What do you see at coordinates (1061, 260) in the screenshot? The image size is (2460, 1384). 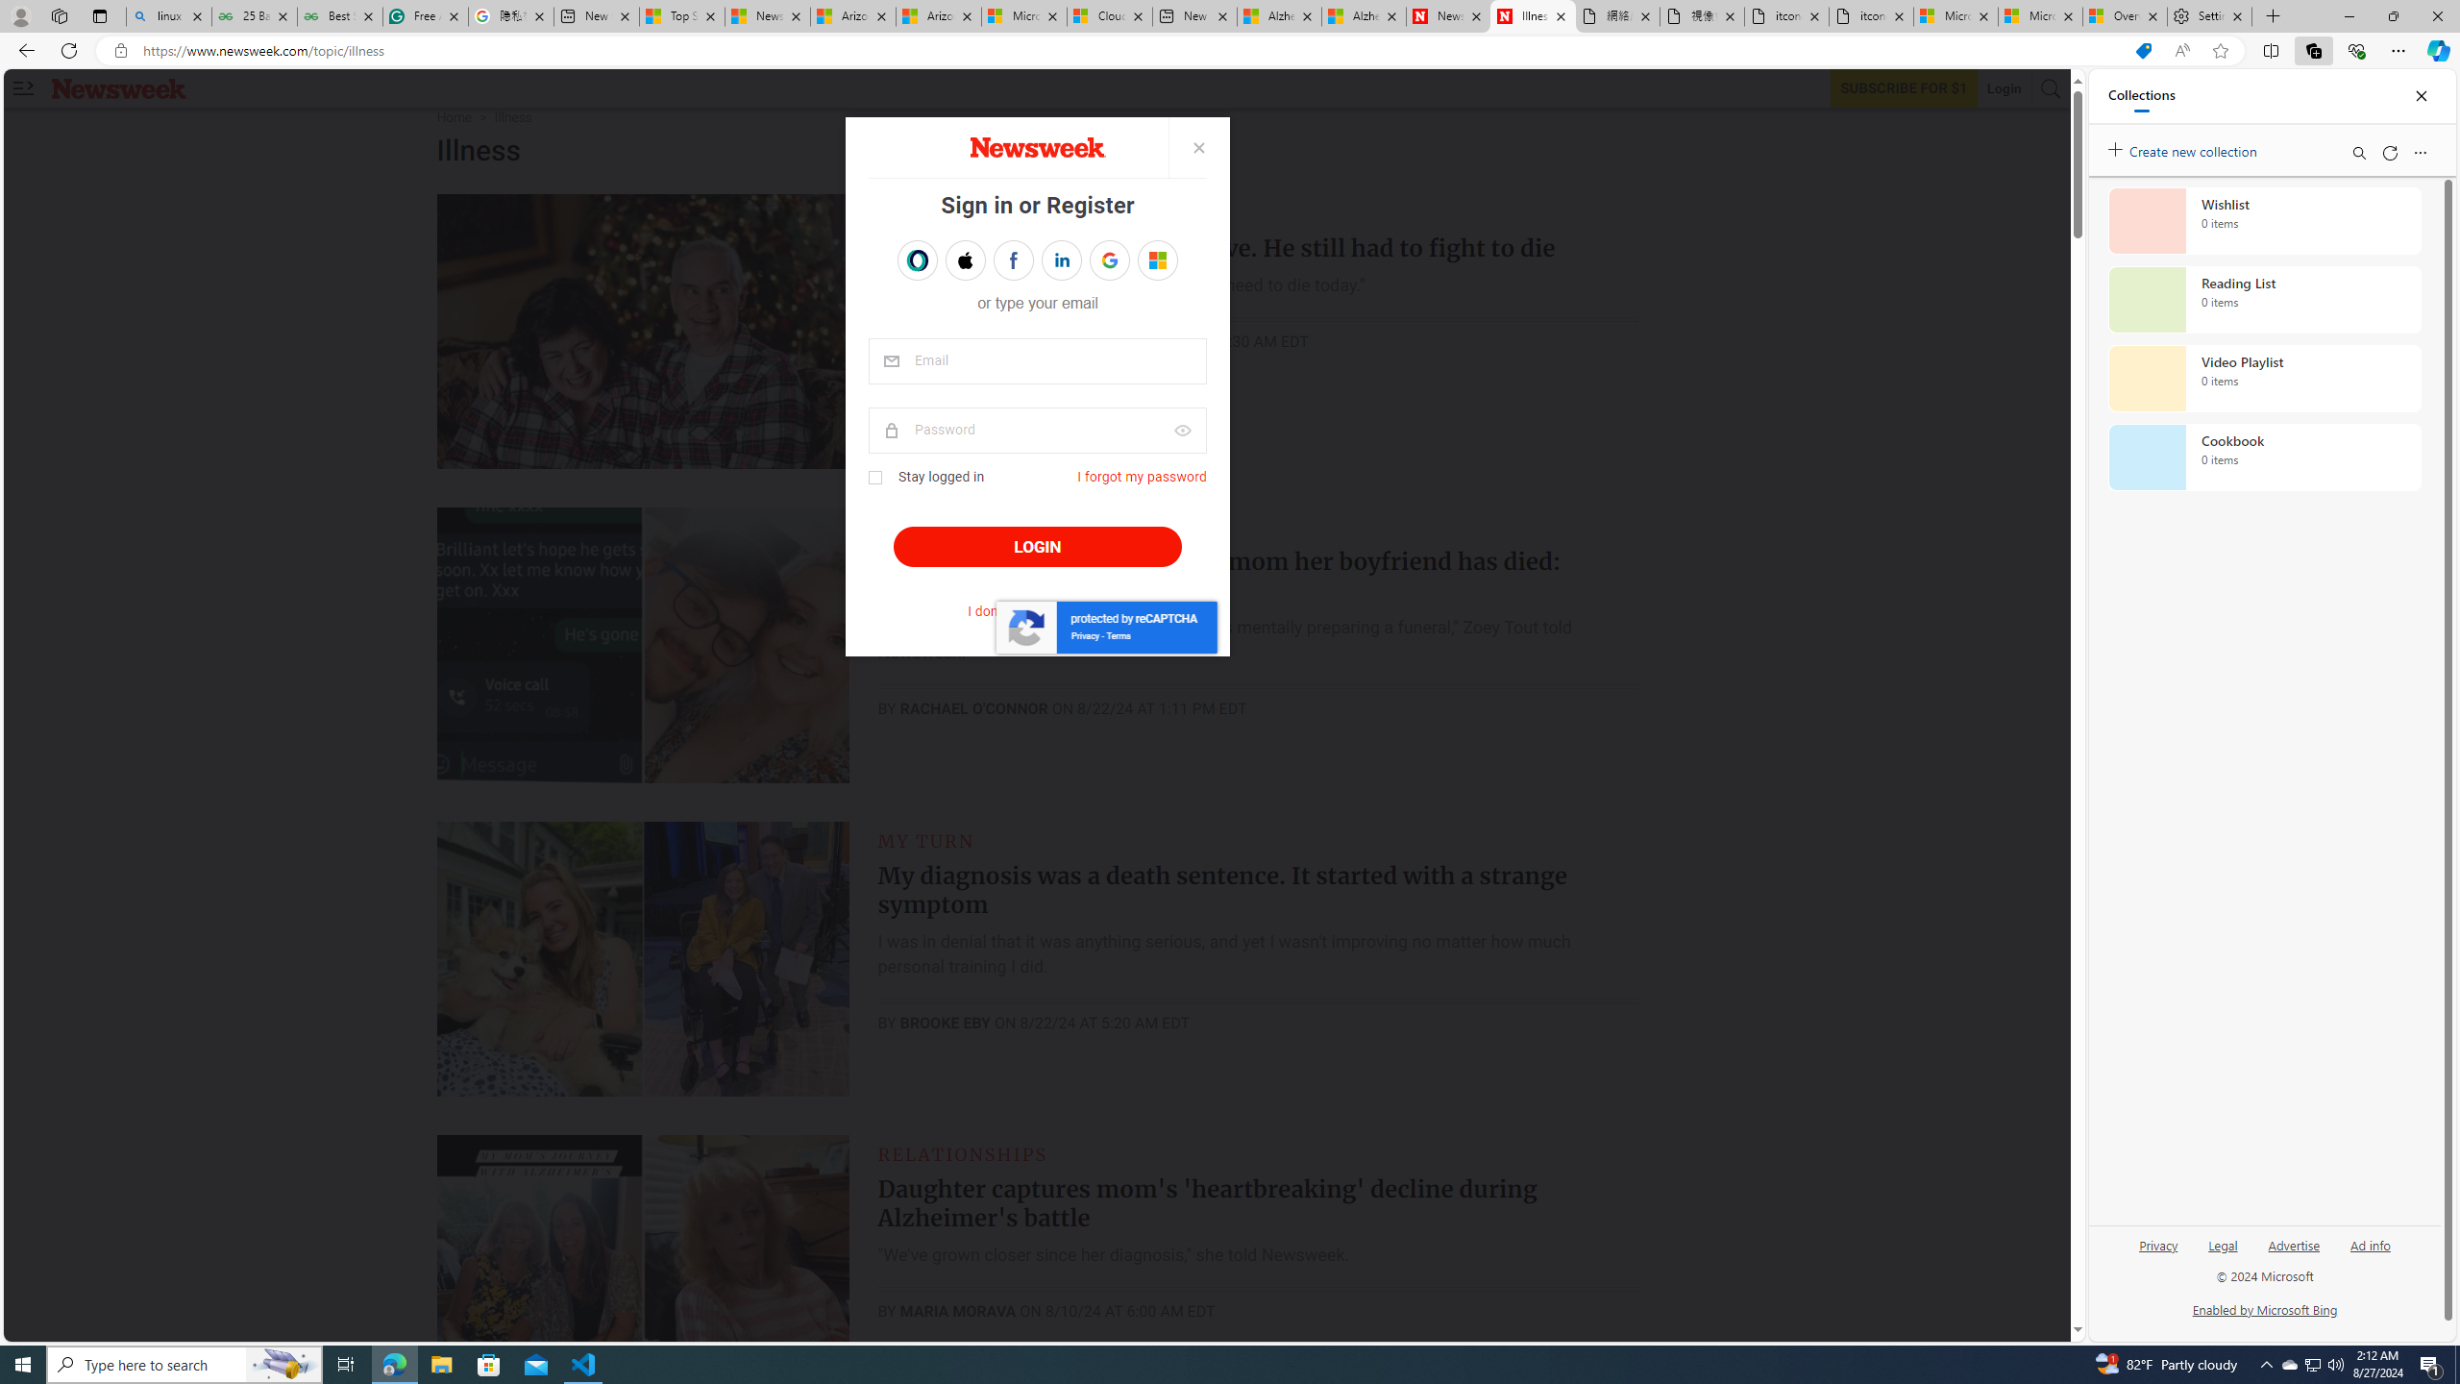 I see `'Sign in with LINKEDIN'` at bounding box center [1061, 260].